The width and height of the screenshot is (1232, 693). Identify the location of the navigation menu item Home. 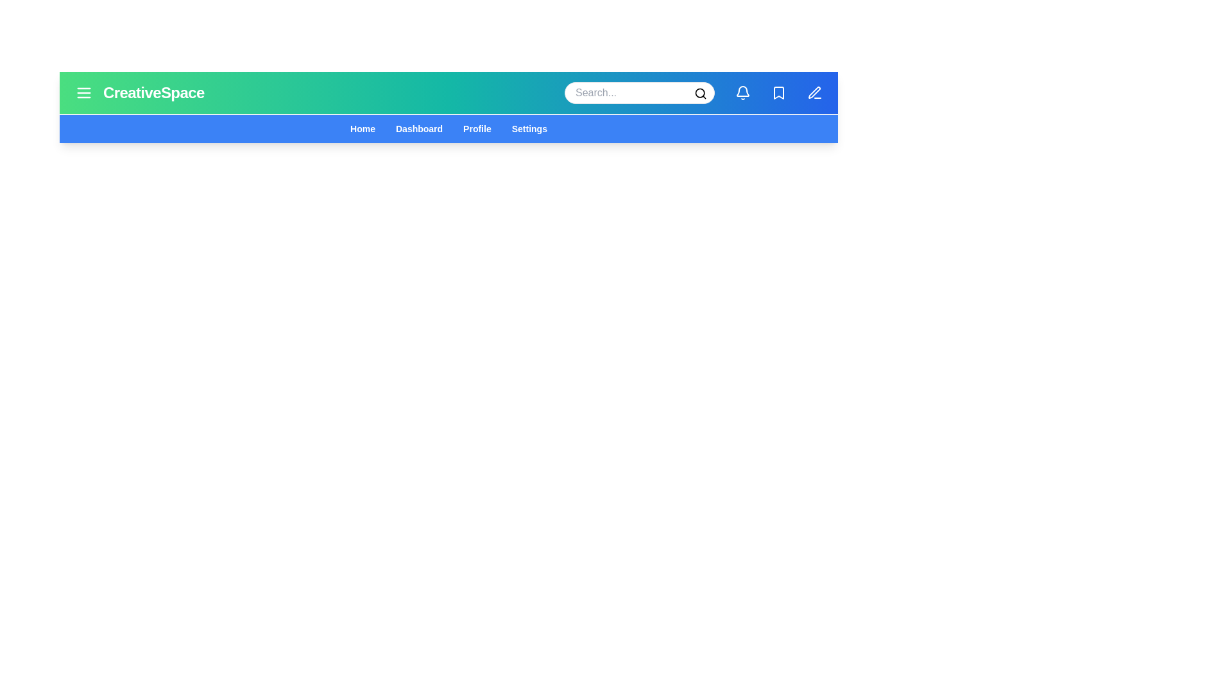
(362, 128).